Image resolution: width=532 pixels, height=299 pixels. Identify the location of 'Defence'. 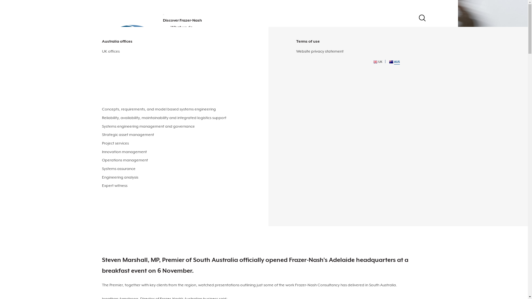
(109, 68).